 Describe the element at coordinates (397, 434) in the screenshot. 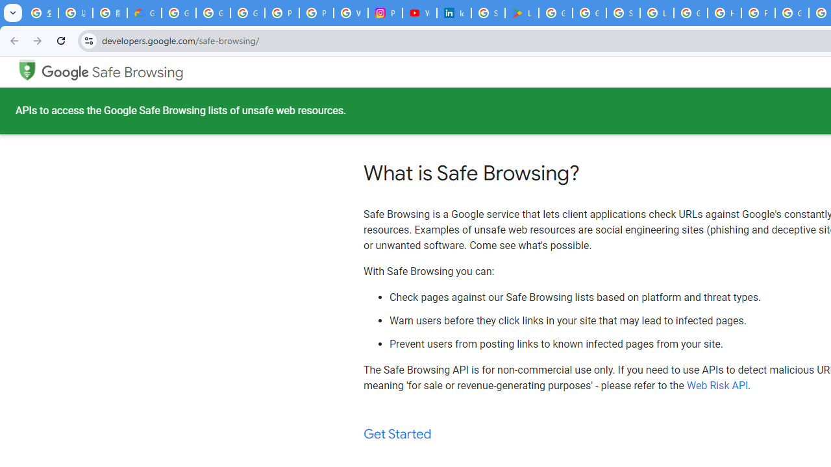

I see `'Get Started'` at that location.